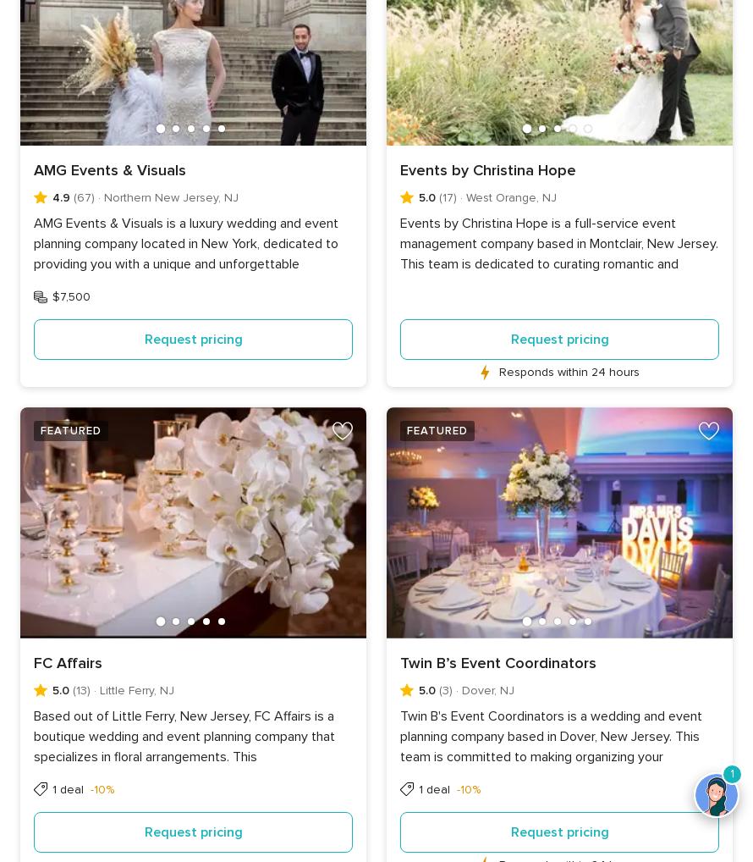 Image resolution: width=753 pixels, height=862 pixels. I want to click on '(17)', so click(437, 196).